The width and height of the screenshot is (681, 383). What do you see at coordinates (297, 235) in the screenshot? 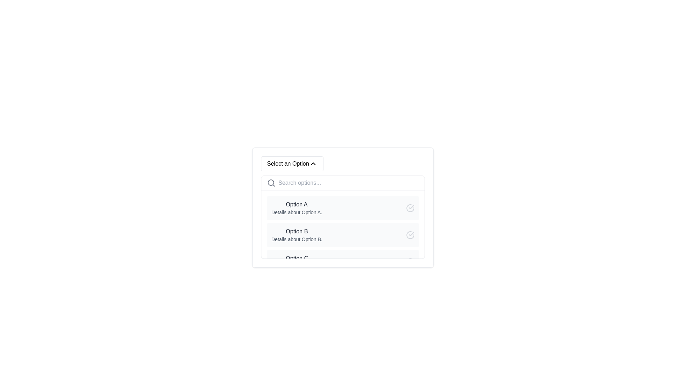
I see `the second item in the selectable list` at bounding box center [297, 235].